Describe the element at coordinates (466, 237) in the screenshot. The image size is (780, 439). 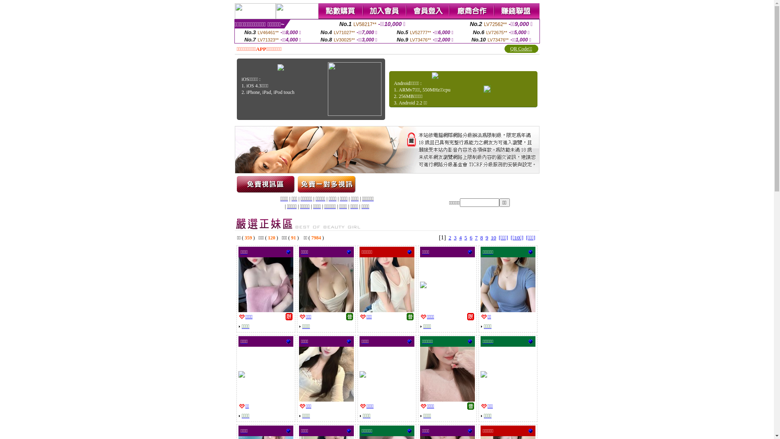
I see `'5'` at that location.